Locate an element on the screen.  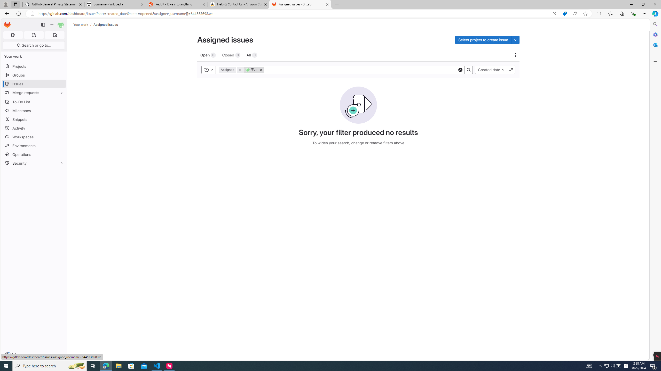
'Your work' is located at coordinates (81, 24).